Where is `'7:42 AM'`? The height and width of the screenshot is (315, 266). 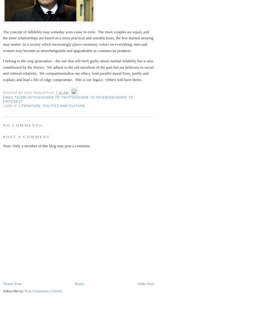 '7:42 AM' is located at coordinates (62, 93).